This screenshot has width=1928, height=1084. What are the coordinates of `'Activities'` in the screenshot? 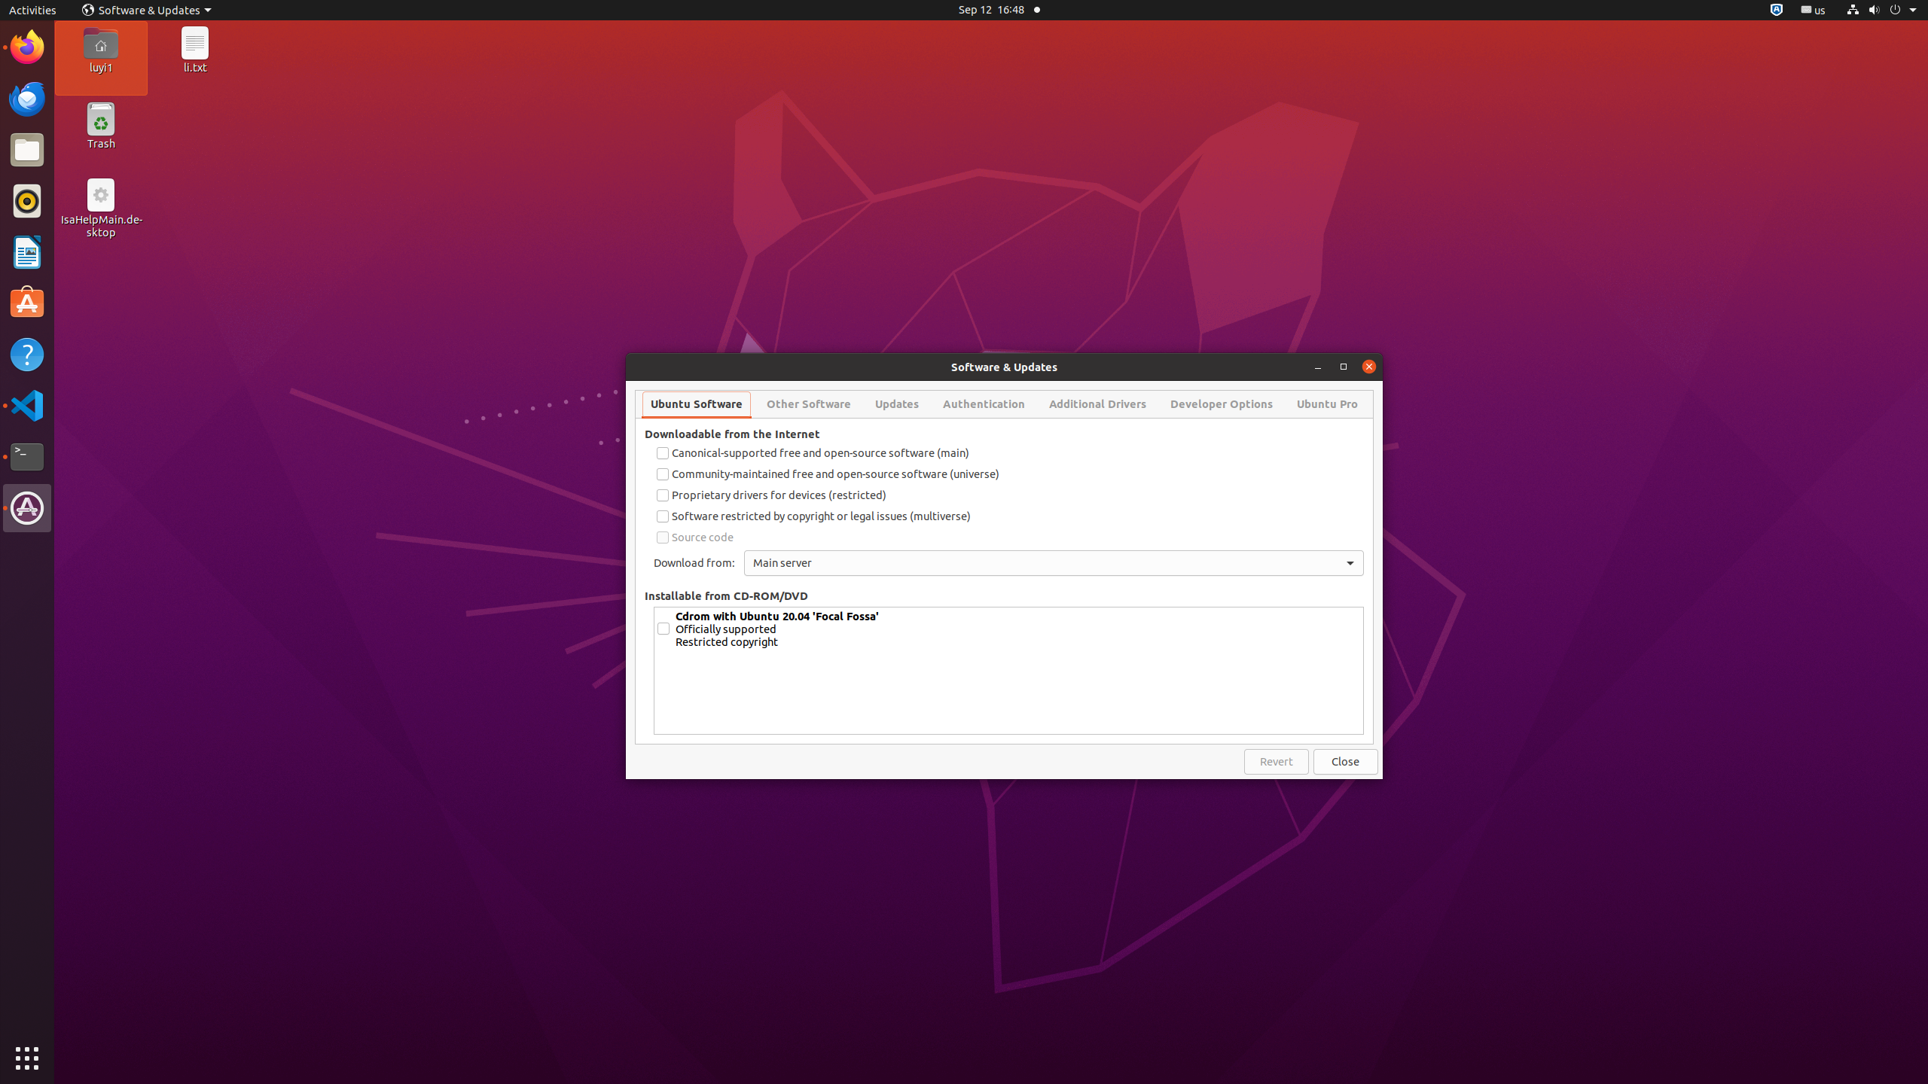 It's located at (32, 9).